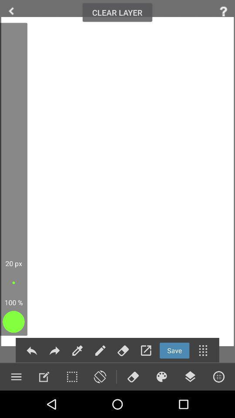  I want to click on the date_range icon, so click(71, 376).